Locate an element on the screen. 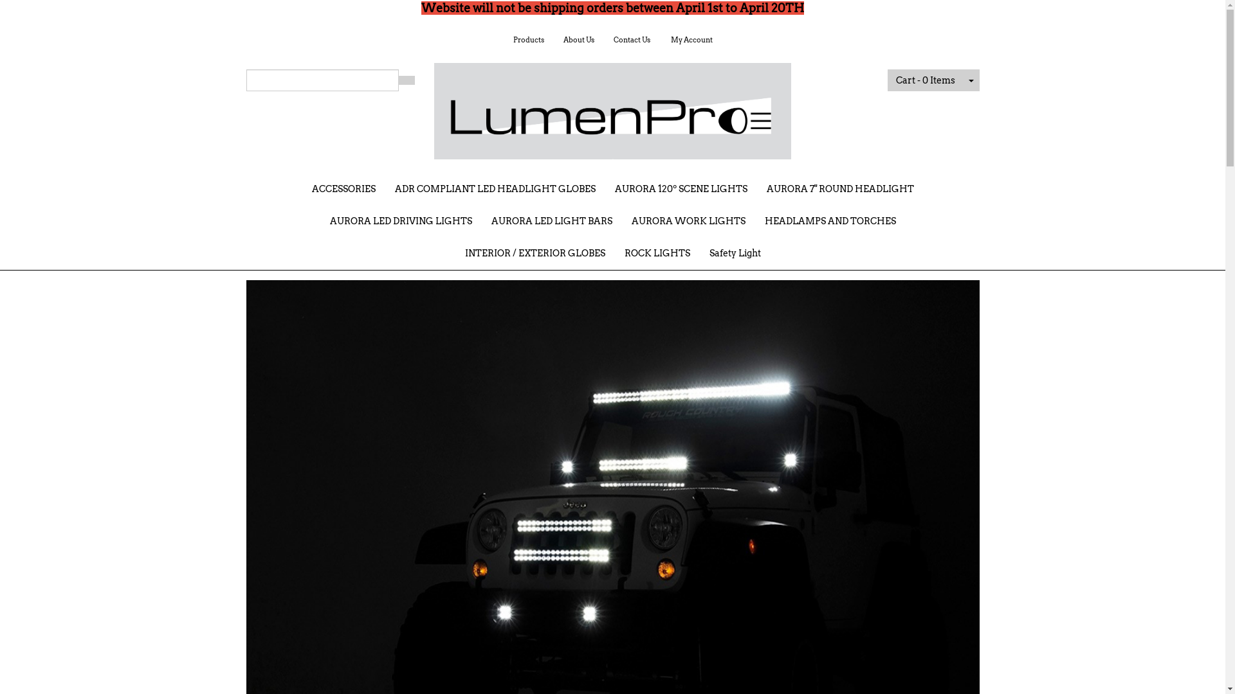  'Cart - 0 Items' is located at coordinates (925, 80).